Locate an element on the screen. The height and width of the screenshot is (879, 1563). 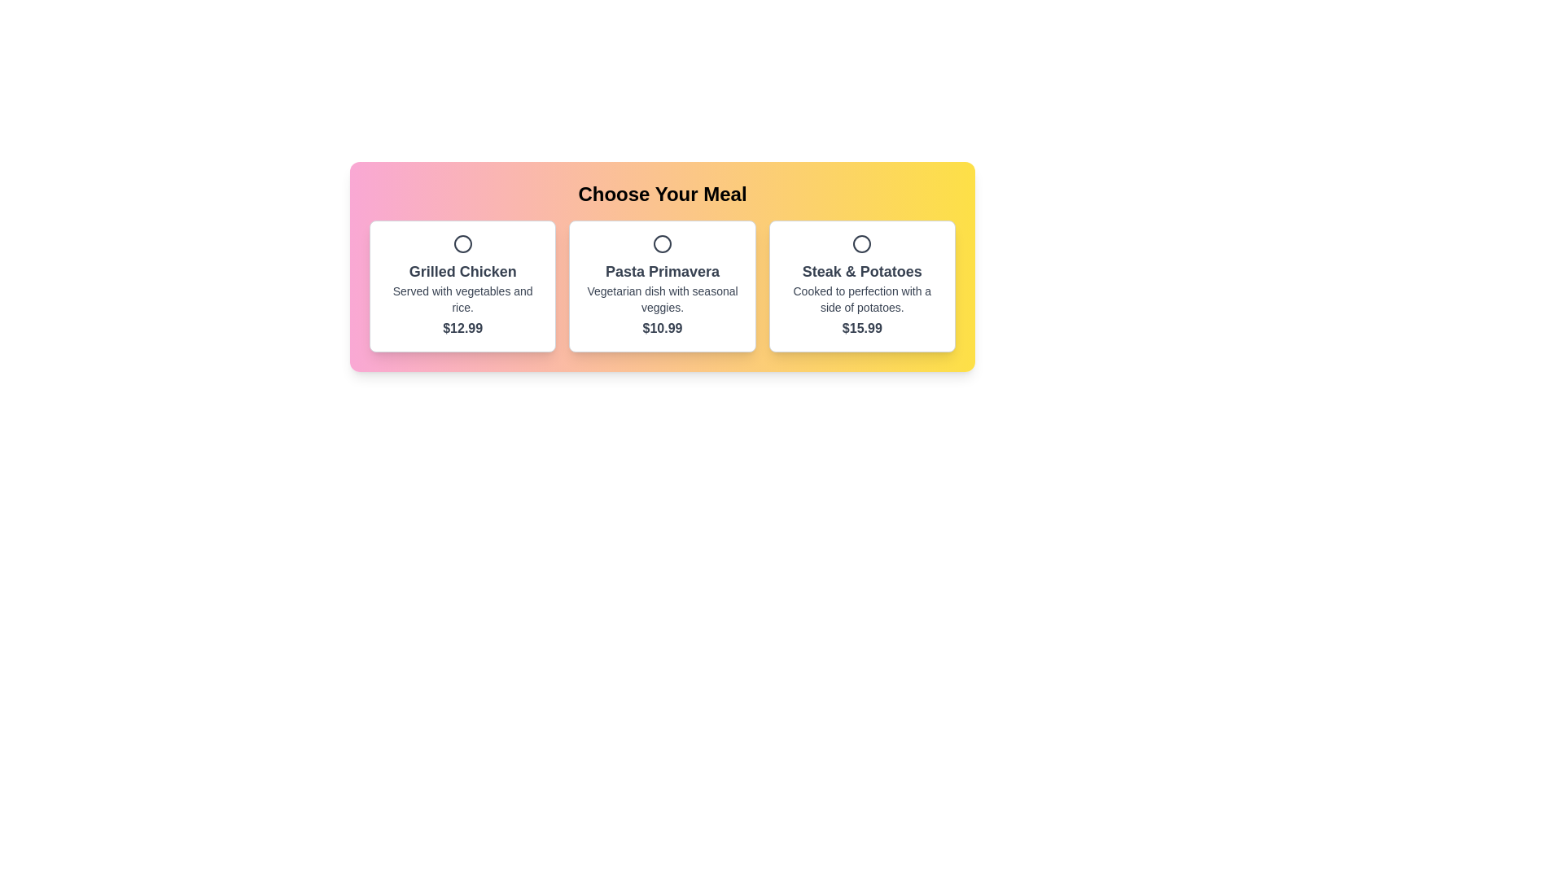
text element that contains the description 'Served with vegetables and rice.' located below the title 'Grilled Chicken' in the first meal option card is located at coordinates (462, 299).